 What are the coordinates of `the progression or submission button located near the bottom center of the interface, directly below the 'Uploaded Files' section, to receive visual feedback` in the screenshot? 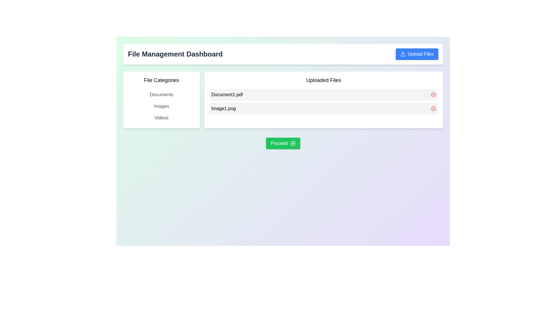 It's located at (283, 143).